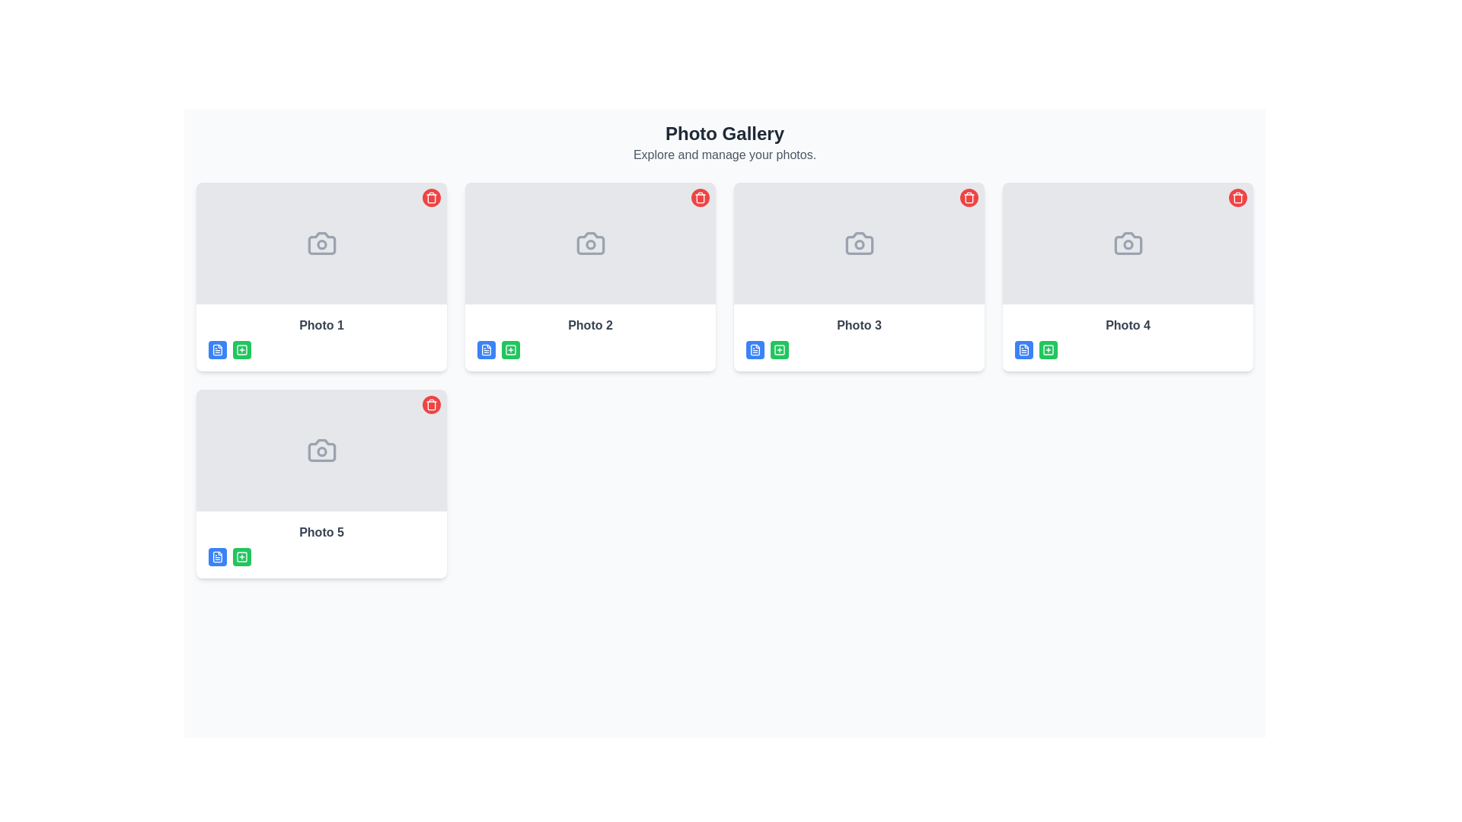 The width and height of the screenshot is (1462, 822). Describe the element at coordinates (1238, 196) in the screenshot. I see `the delete button located at the top-right corner of the fourth image card in the photo gallery` at that location.